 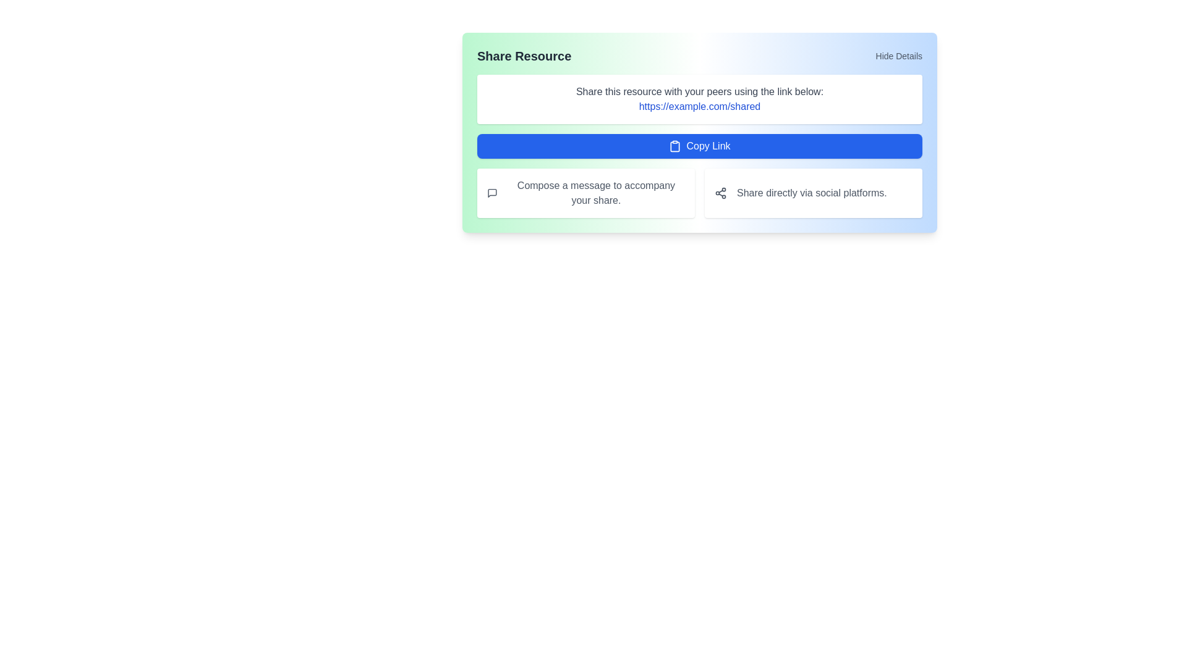 I want to click on the blue 'Copy Link' button with white text and clipboard icon, so click(x=700, y=145).